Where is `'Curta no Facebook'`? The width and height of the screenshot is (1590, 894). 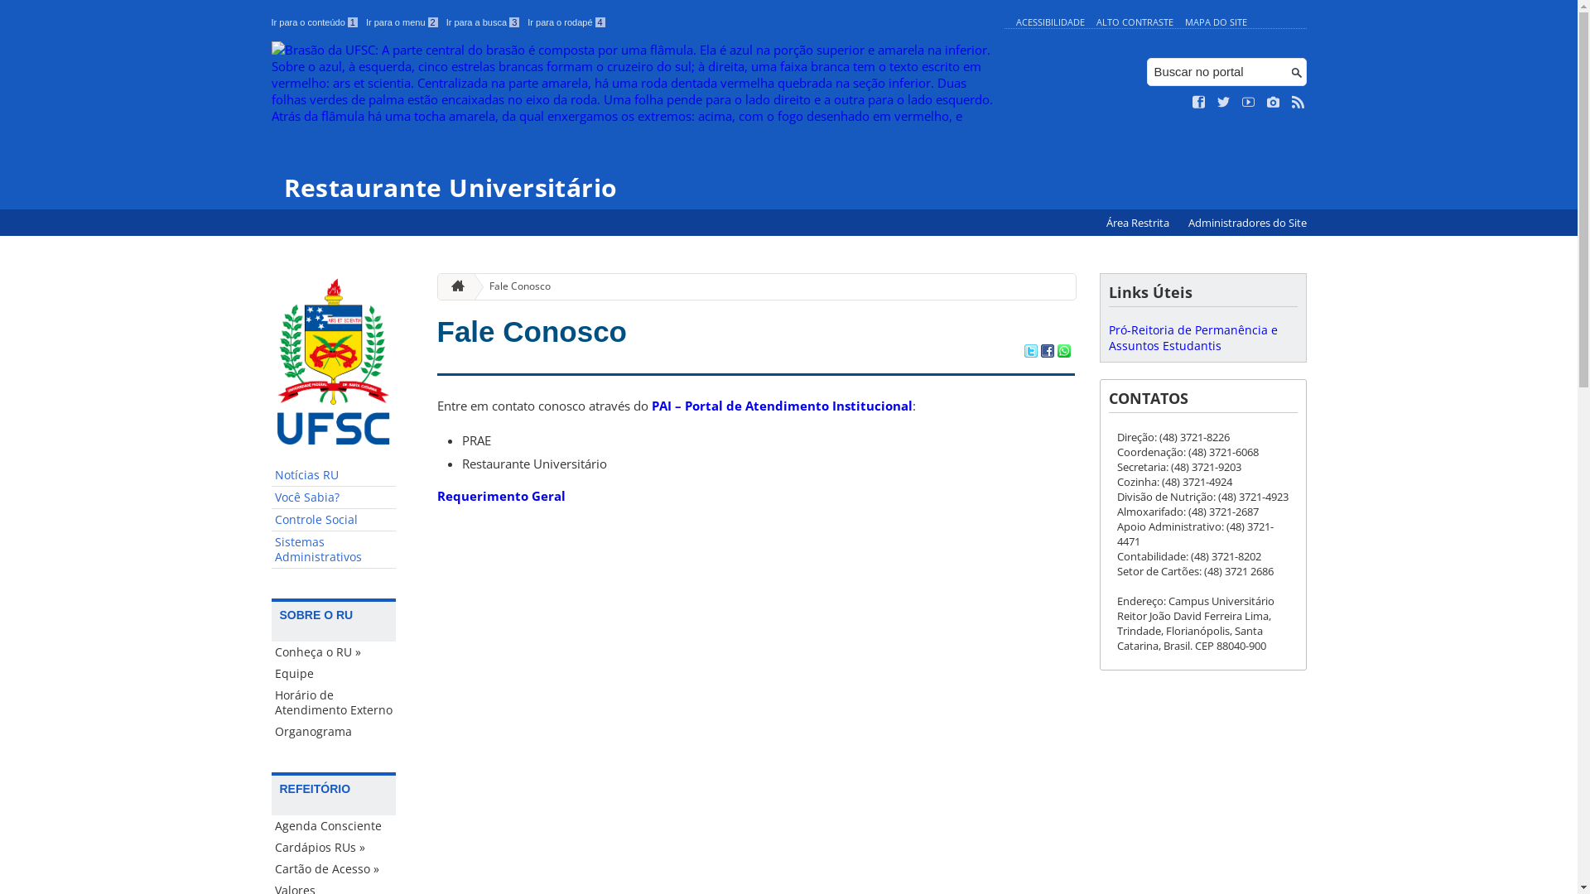 'Curta no Facebook' is located at coordinates (1199, 102).